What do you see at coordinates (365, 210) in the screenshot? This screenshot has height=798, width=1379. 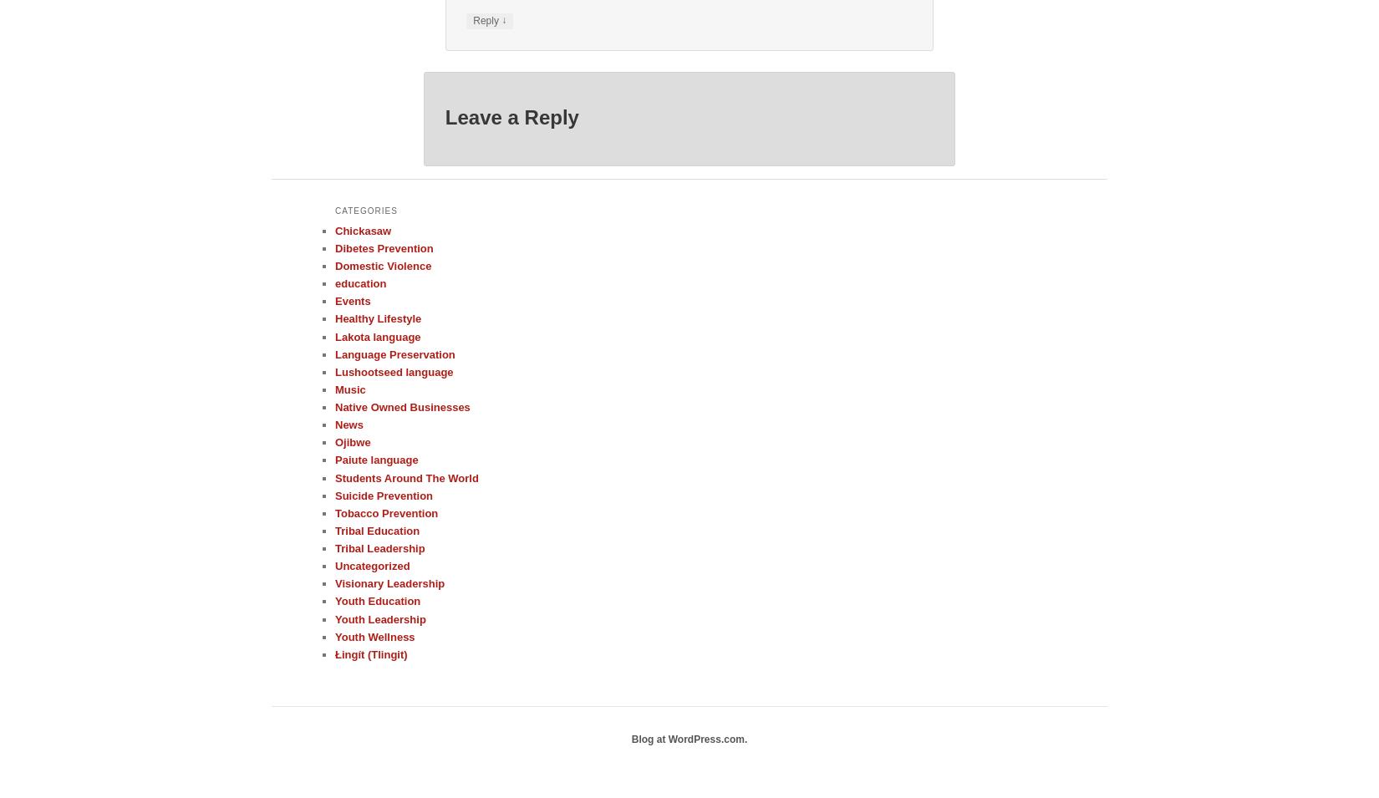 I see `'Categories'` at bounding box center [365, 210].